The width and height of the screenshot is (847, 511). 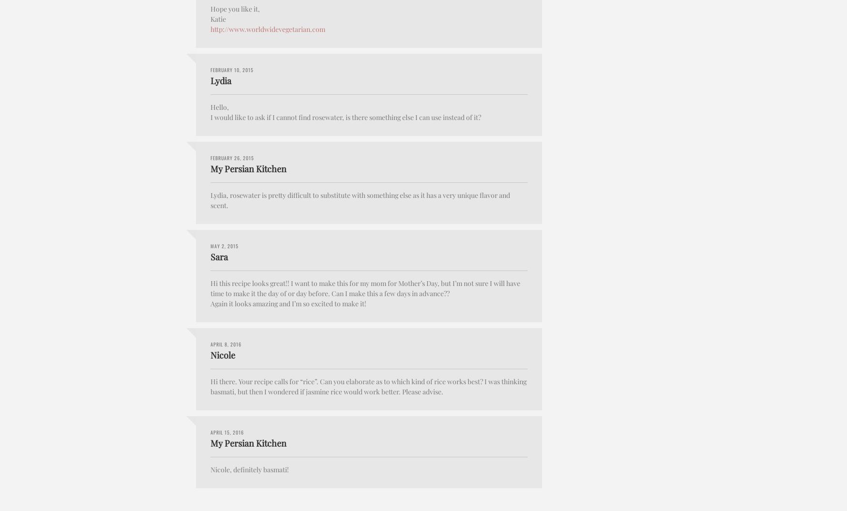 What do you see at coordinates (221, 80) in the screenshot?
I see `'Lydia'` at bounding box center [221, 80].